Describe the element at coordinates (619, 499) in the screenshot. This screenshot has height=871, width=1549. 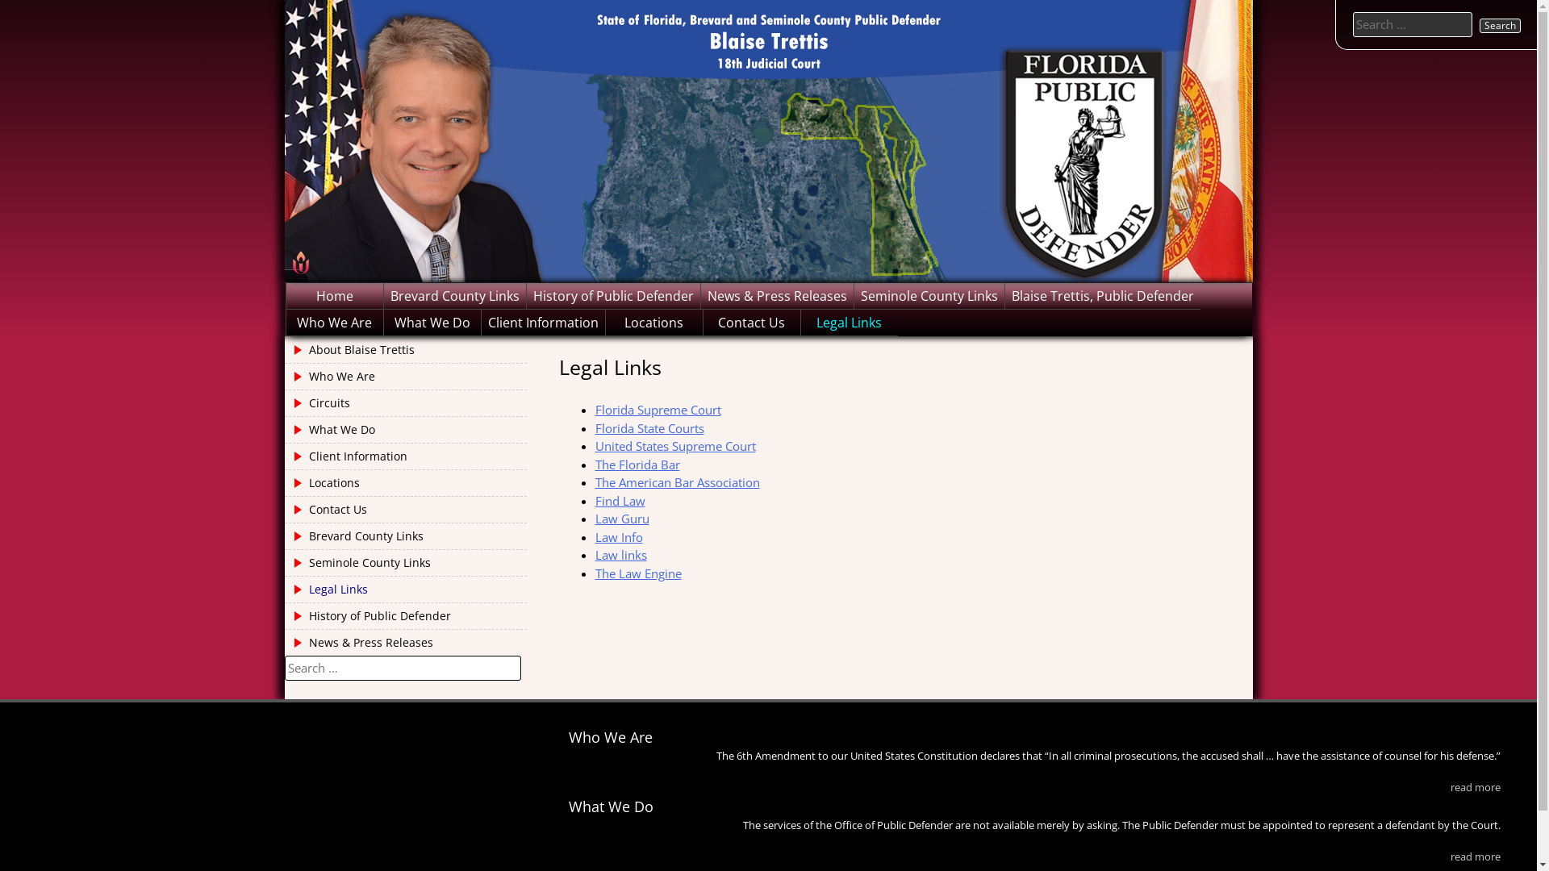
I see `'Find Law'` at that location.